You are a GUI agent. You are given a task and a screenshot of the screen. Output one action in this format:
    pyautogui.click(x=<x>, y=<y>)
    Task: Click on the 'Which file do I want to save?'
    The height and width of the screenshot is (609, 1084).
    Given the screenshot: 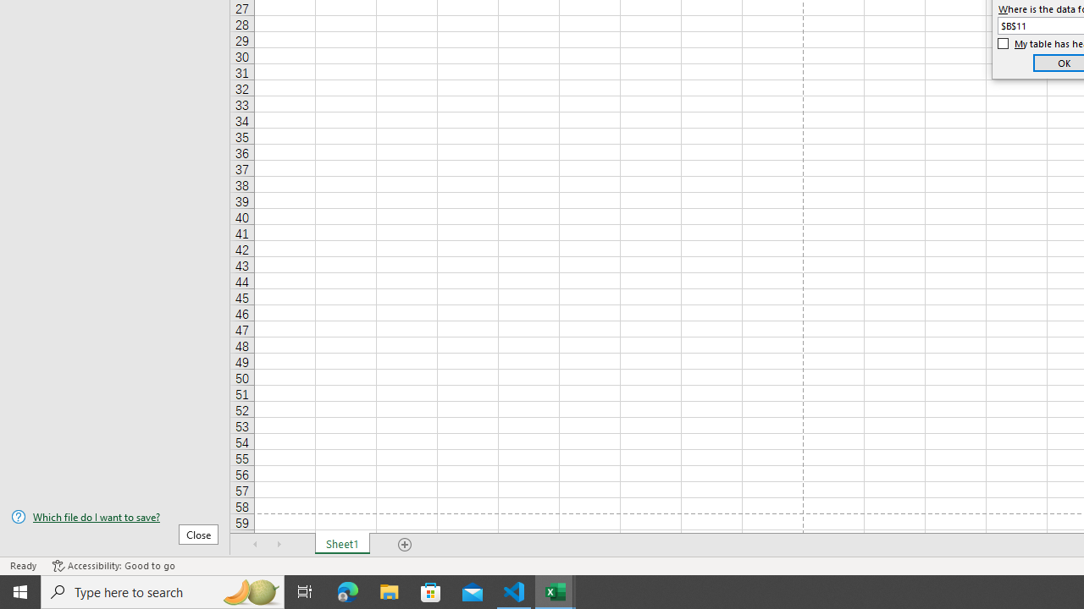 What is the action you would take?
    pyautogui.click(x=114, y=516)
    